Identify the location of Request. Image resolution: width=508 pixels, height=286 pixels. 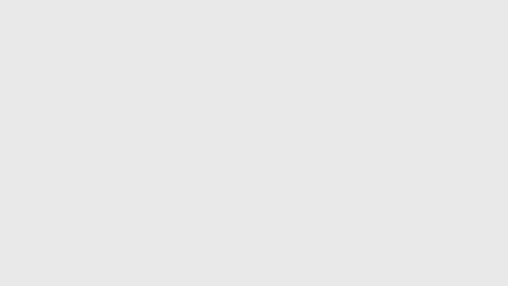
(124, 81).